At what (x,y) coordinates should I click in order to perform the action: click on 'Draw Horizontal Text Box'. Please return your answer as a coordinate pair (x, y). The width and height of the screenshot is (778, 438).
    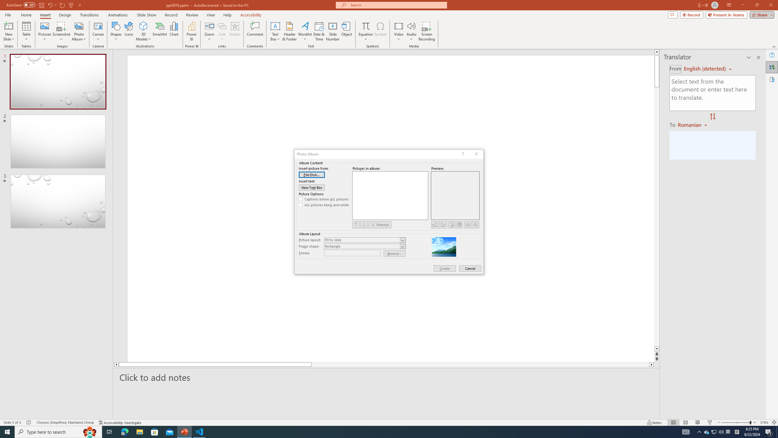
    Looking at the image, I should click on (275, 26).